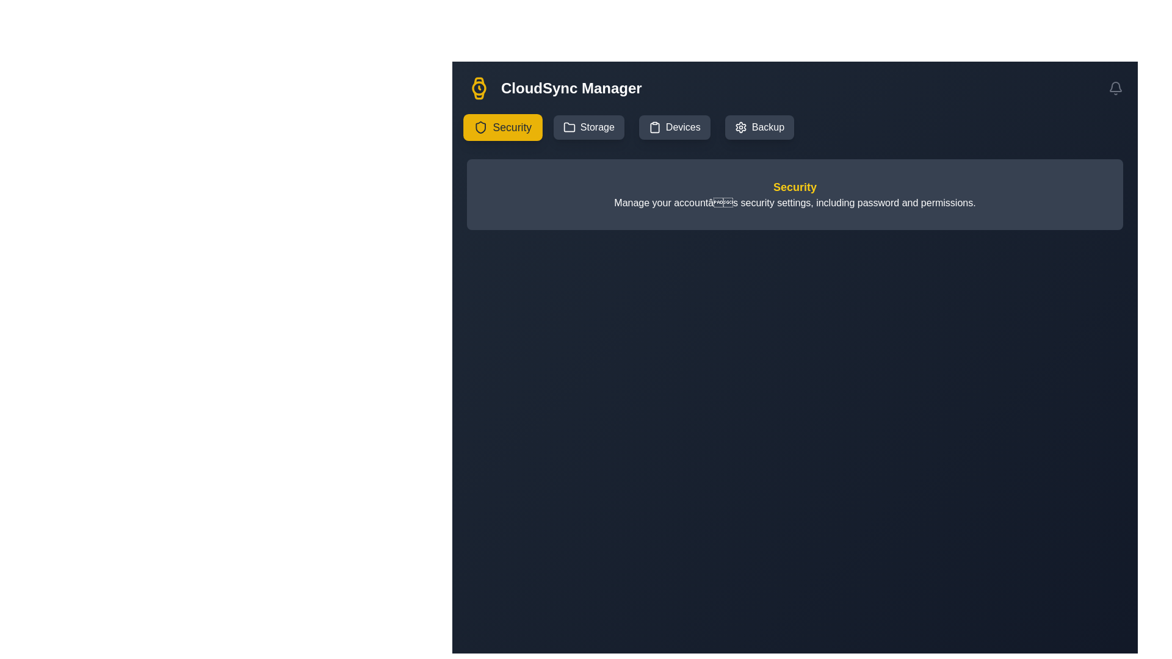 This screenshot has height=659, width=1172. What do you see at coordinates (654, 127) in the screenshot?
I see `the 'Devices' icon in the navigation bar, which is the third button located between the 'Storage' and 'Backup' buttons, to manage connected devices` at bounding box center [654, 127].